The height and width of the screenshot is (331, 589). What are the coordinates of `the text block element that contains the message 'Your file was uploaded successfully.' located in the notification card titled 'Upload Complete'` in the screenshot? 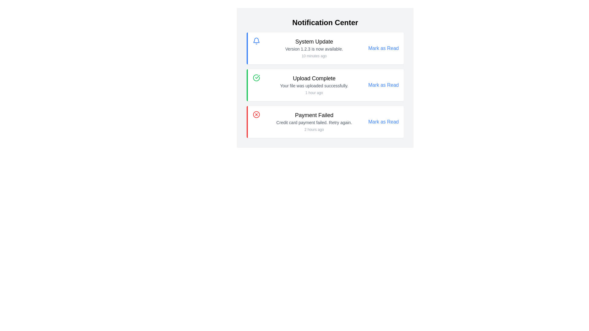 It's located at (314, 86).